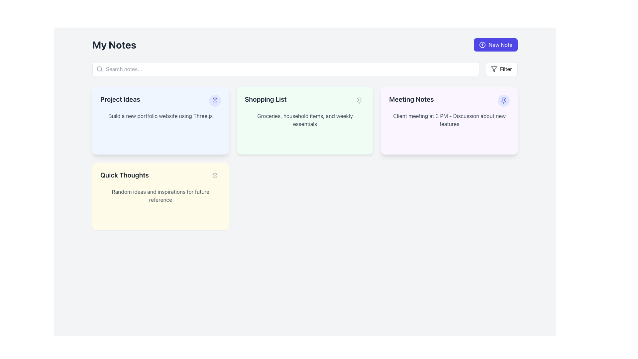  Describe the element at coordinates (114, 45) in the screenshot. I see `the static text heading displaying 'My Notes' which is bold, dark gray, and prominently styled as a header` at that location.